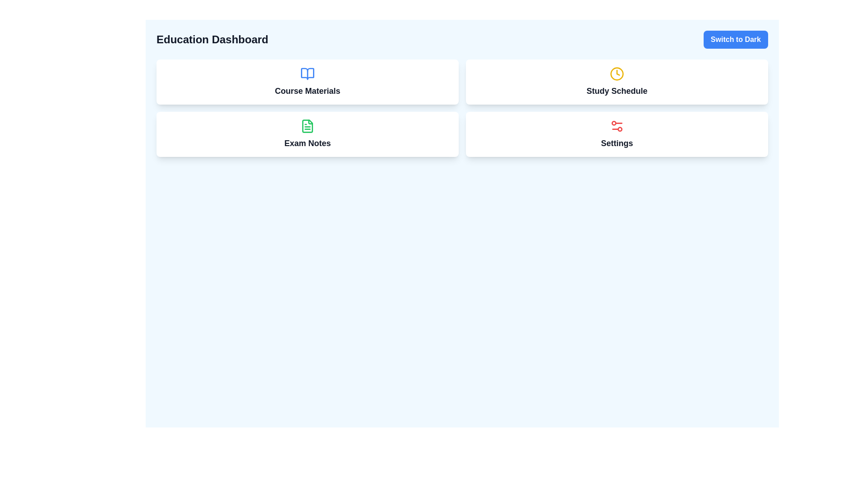 Image resolution: width=866 pixels, height=487 pixels. Describe the element at coordinates (307, 74) in the screenshot. I see `the decorative icon for 'Course Materials' located at the top-center of the card labeled 'Course Materials'` at that location.